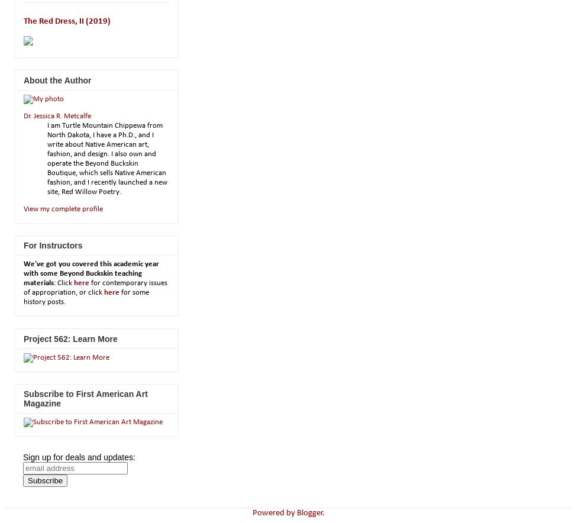 This screenshot has width=582, height=523. What do you see at coordinates (95, 287) in the screenshot?
I see `'for contemporary issues of appropriation, or click'` at bounding box center [95, 287].